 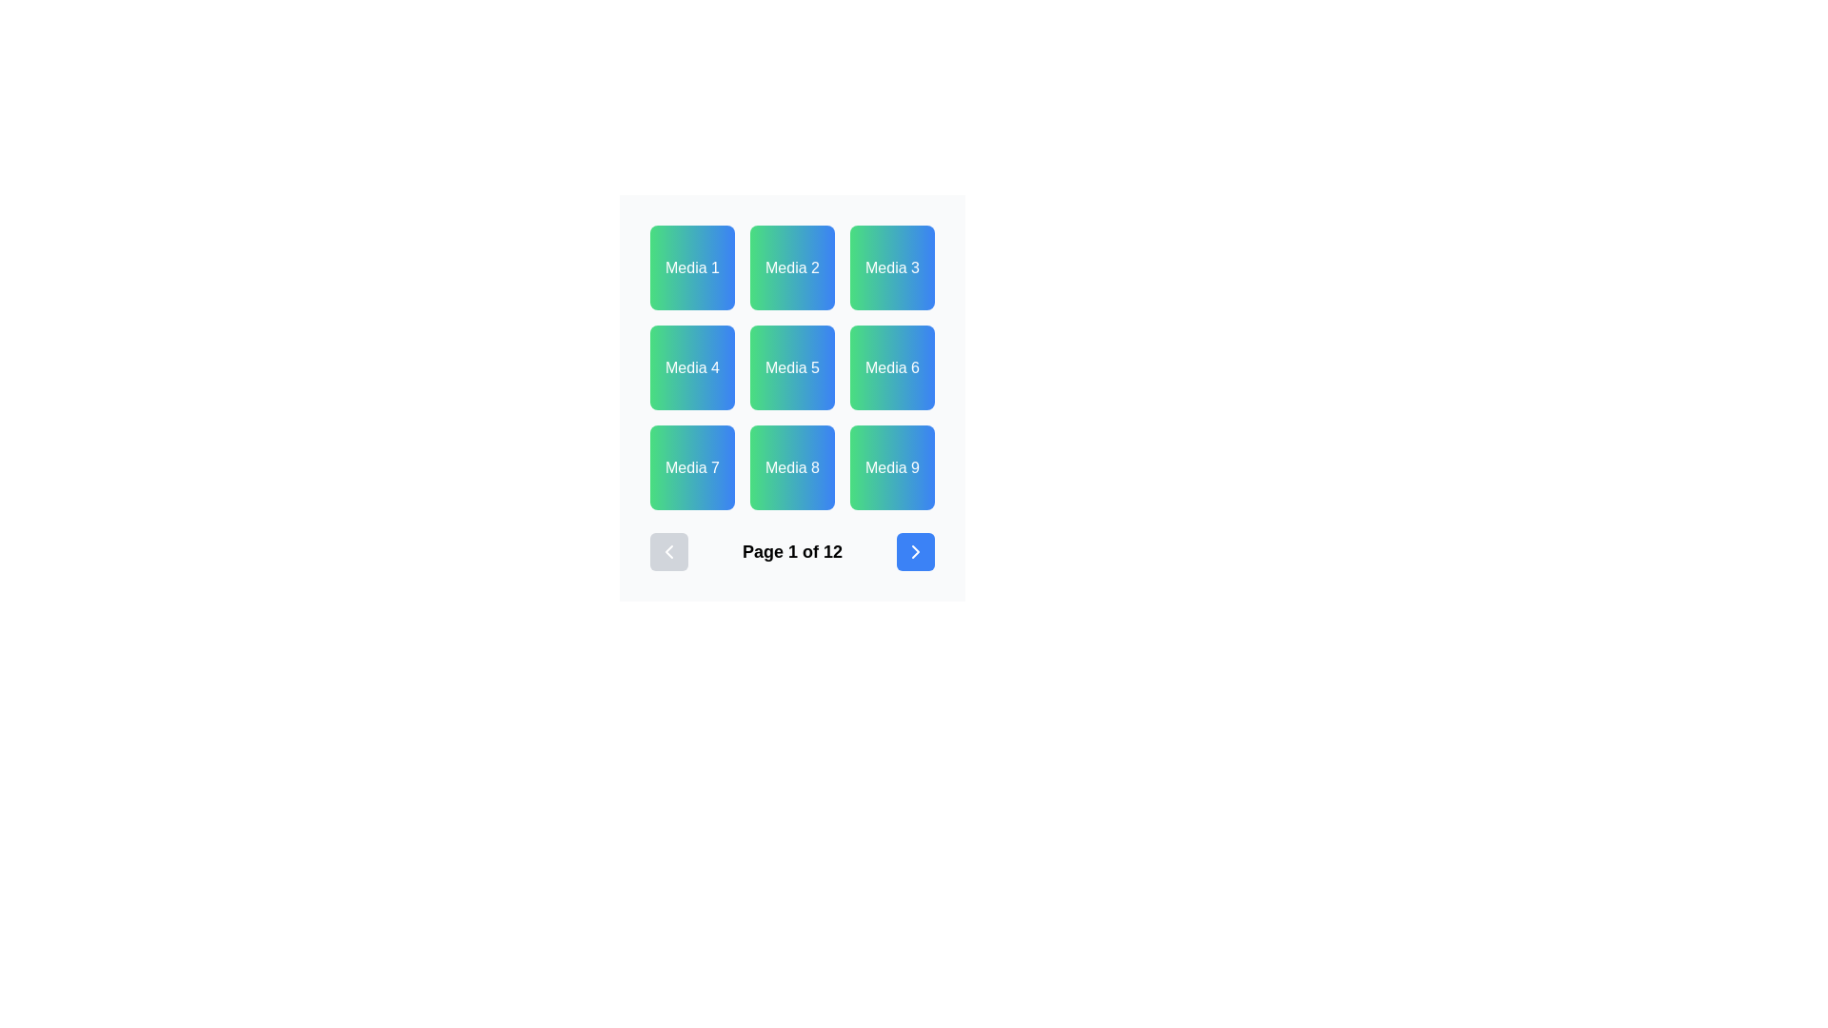 I want to click on the interactive tile labeled 'Media 6', so click(x=891, y=367).